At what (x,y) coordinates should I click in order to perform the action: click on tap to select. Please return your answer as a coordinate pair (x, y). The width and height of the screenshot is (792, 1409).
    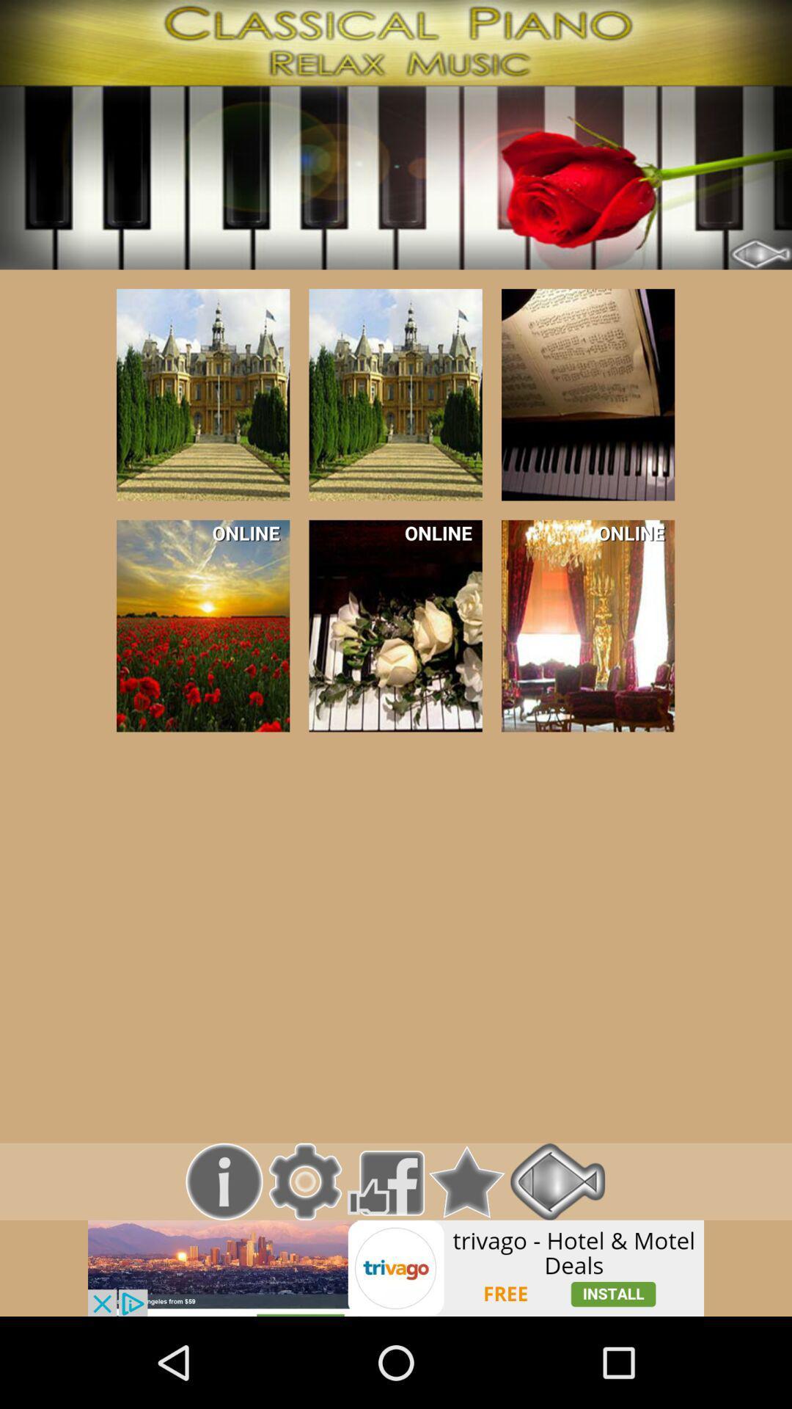
    Looking at the image, I should click on (587, 395).